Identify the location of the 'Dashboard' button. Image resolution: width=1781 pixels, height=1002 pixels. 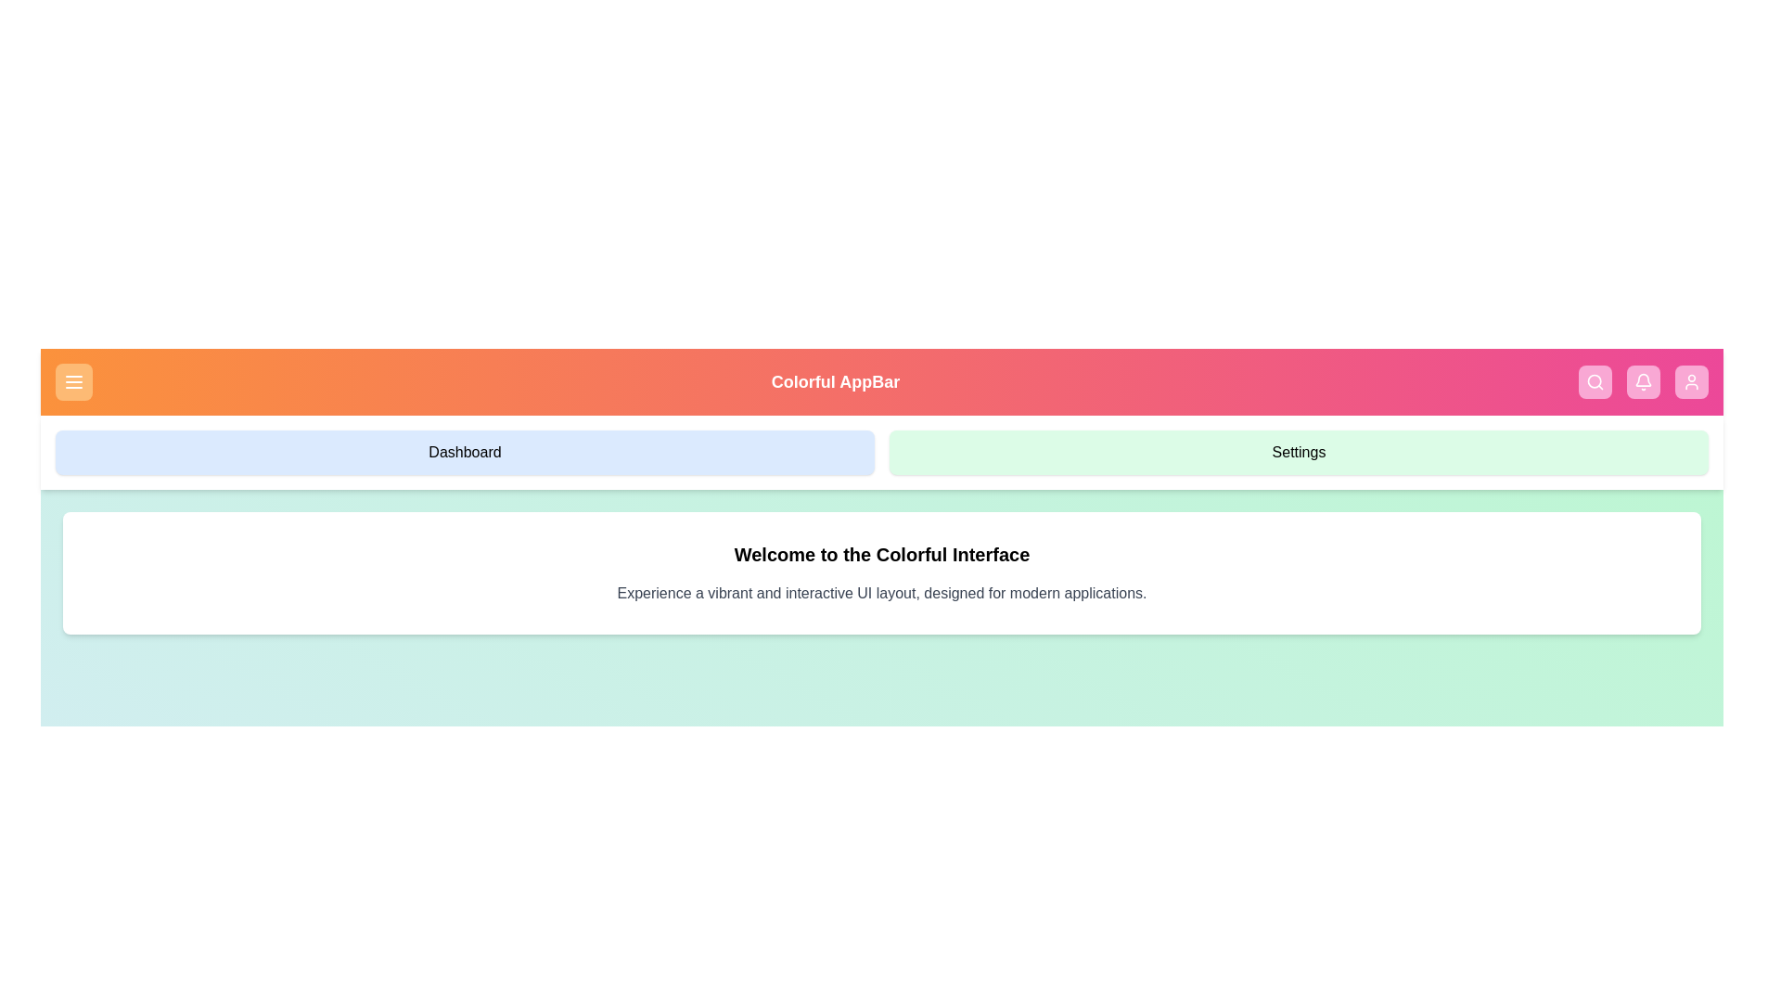
(465, 453).